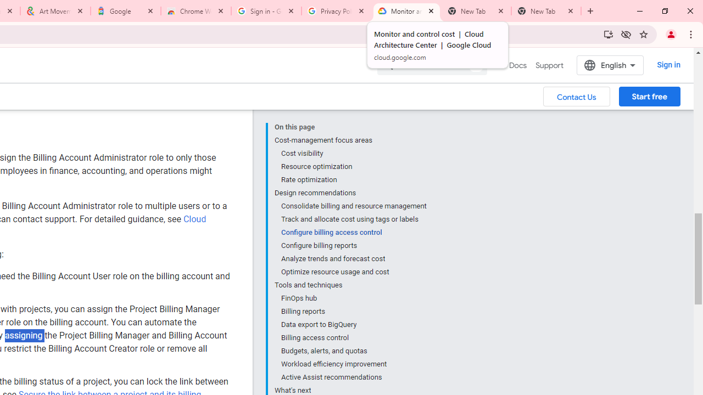 This screenshot has height=395, width=703. I want to click on 'Tools and techniques', so click(350, 285).